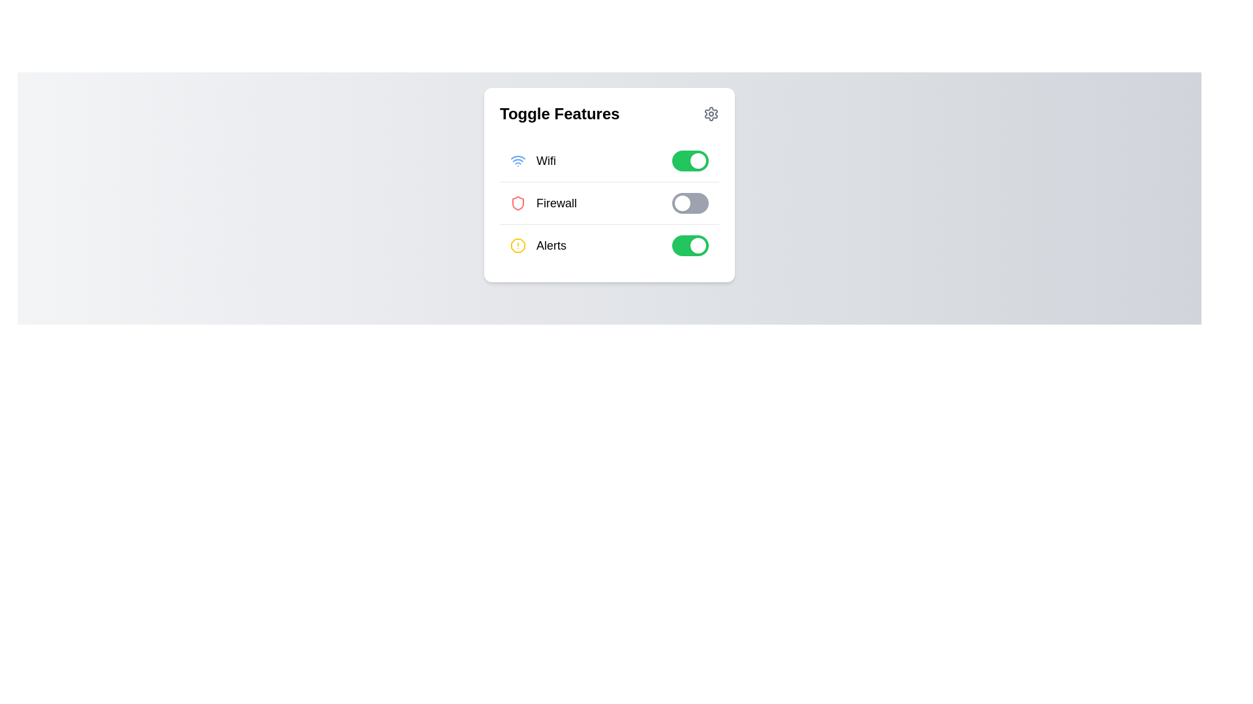 This screenshot has height=704, width=1253. What do you see at coordinates (517, 203) in the screenshot?
I see `the red shield-shaped icon next to the 'Firewall' toggle in the feature toggle interface` at bounding box center [517, 203].